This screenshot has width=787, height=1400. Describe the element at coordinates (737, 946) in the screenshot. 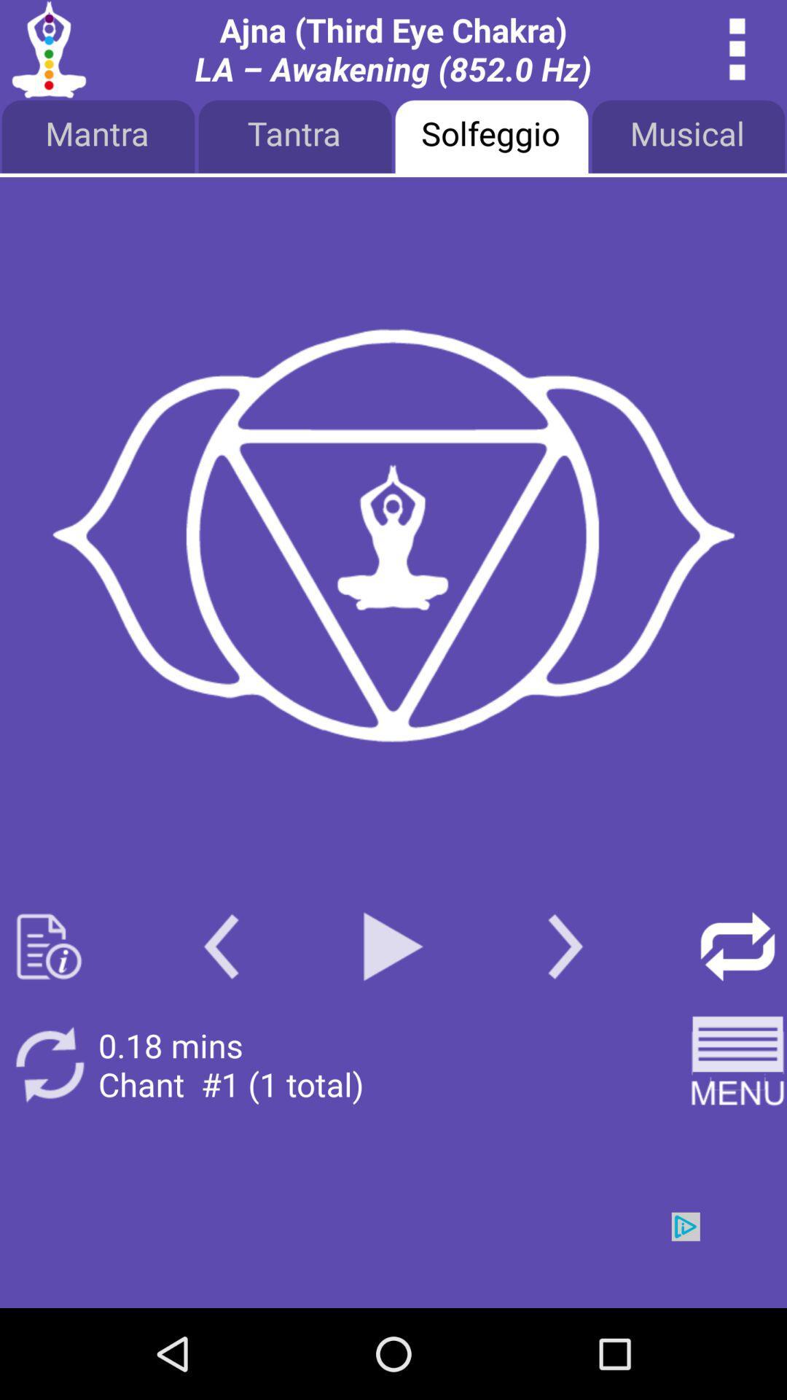

I see `arrow button` at that location.